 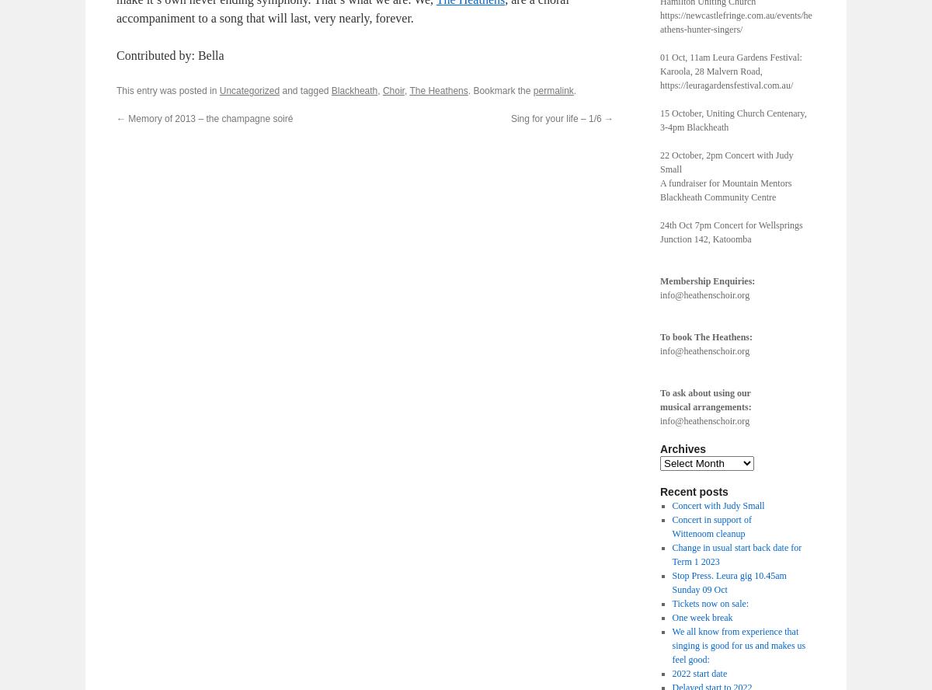 I want to click on 'A fundraiser for Mountain Mentors', so click(x=659, y=183).